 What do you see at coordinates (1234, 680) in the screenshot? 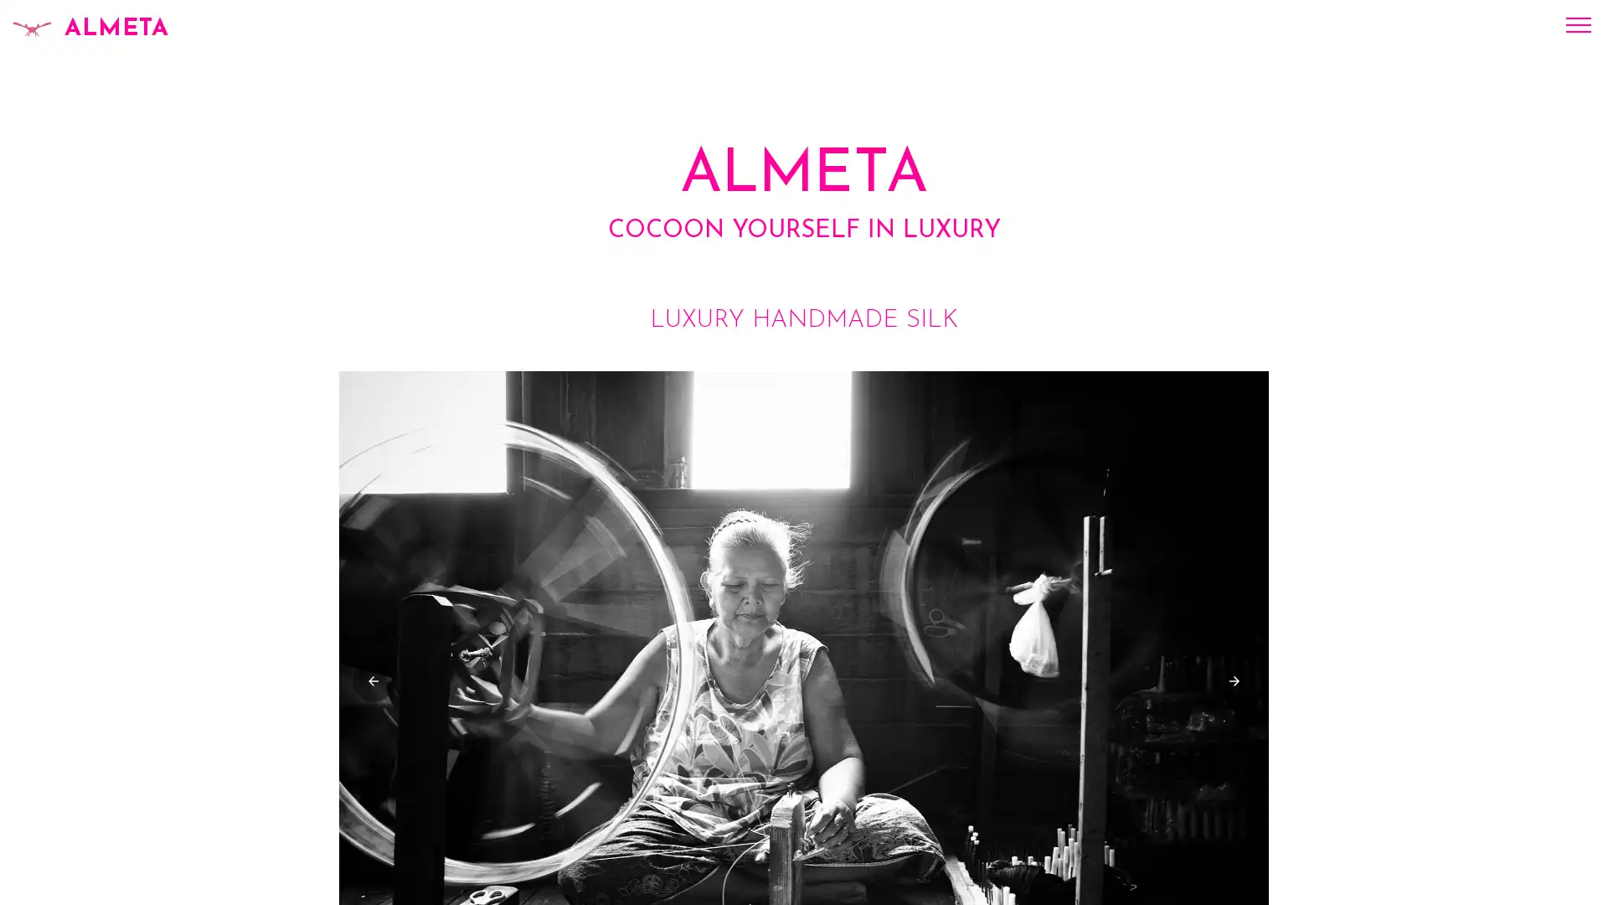
I see `Next item in carousel (1 of 4)` at bounding box center [1234, 680].